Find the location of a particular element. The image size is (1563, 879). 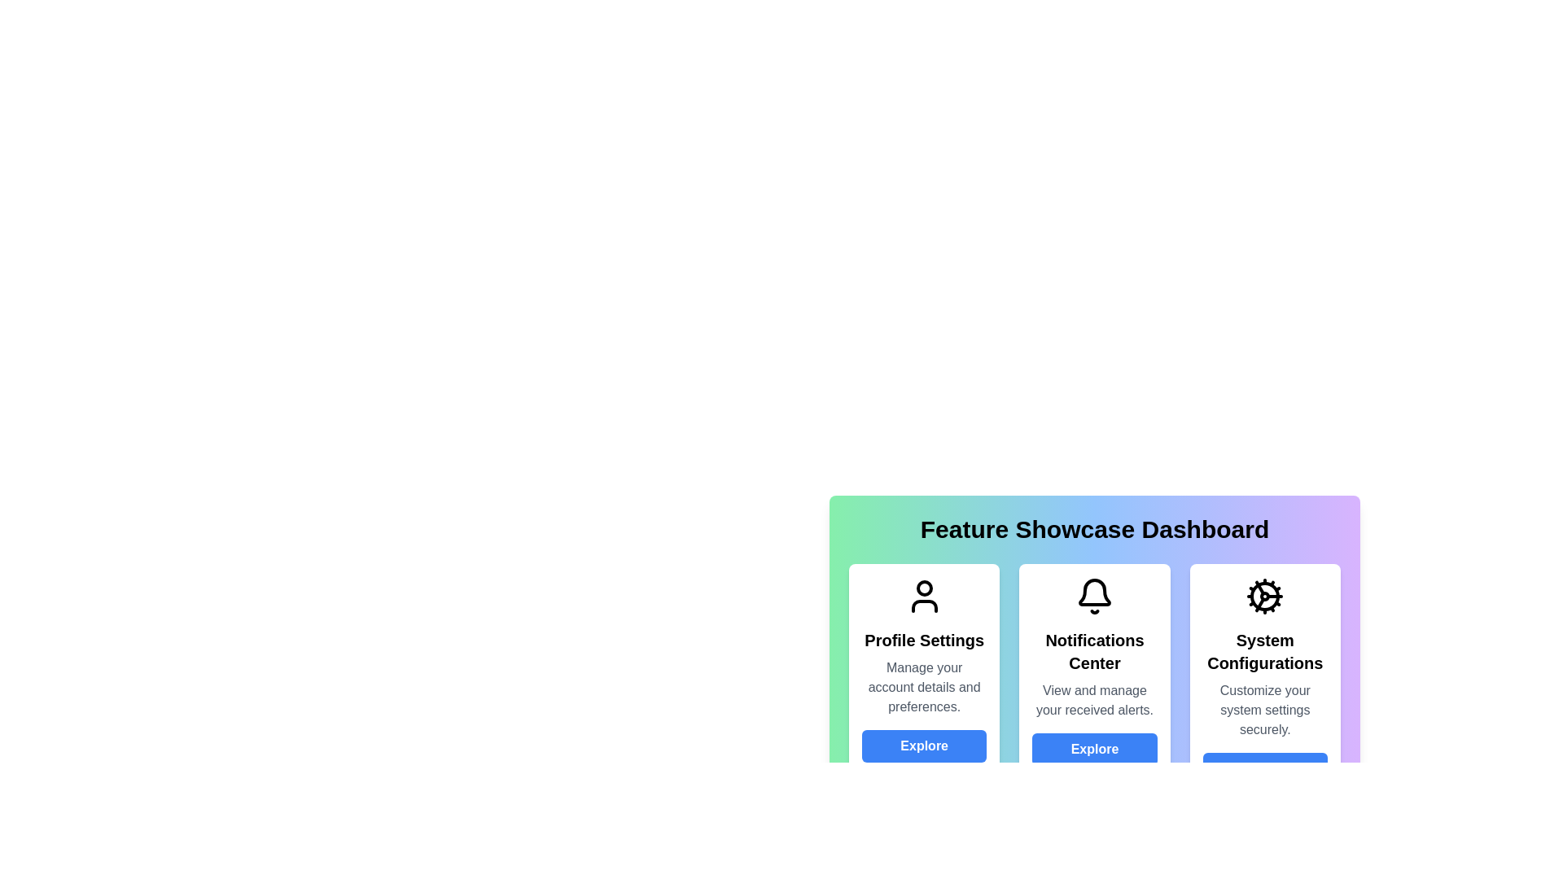

the bell-shaped notification icon located at the center of the 'Notifications Center' card, which is positioned between 'Profile Settings' and 'System Configurations' is located at coordinates (1094, 593).